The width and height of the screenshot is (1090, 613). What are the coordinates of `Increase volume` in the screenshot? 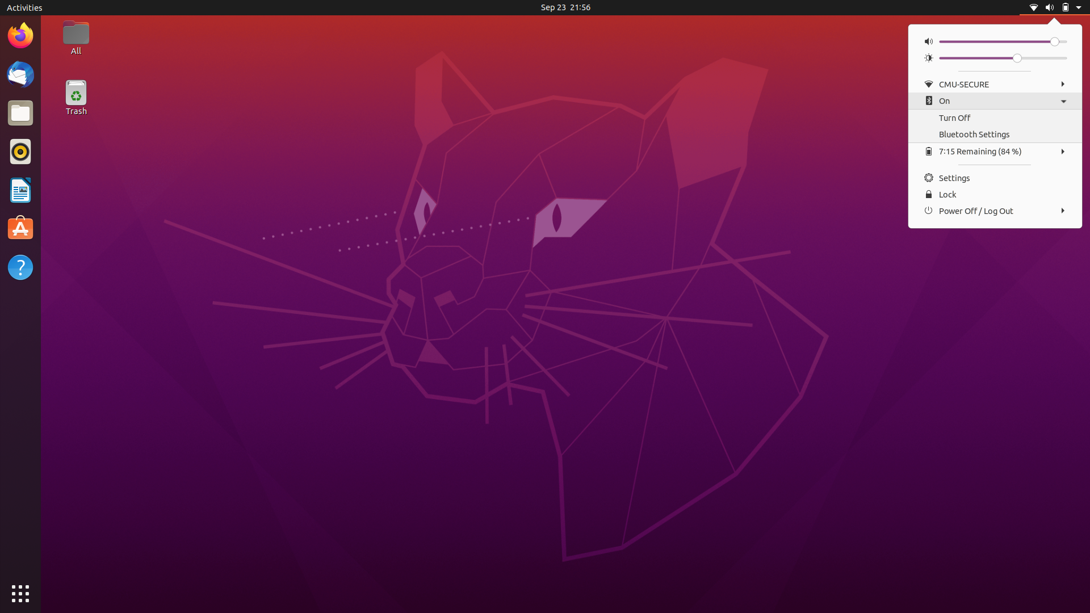 It's located at (2023585, 8275).